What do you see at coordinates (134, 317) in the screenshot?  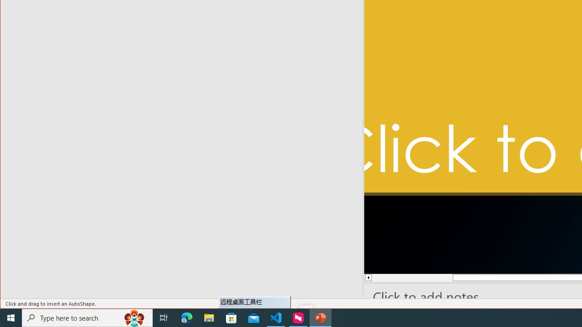 I see `'Search highlights icon opens search home window'` at bounding box center [134, 317].